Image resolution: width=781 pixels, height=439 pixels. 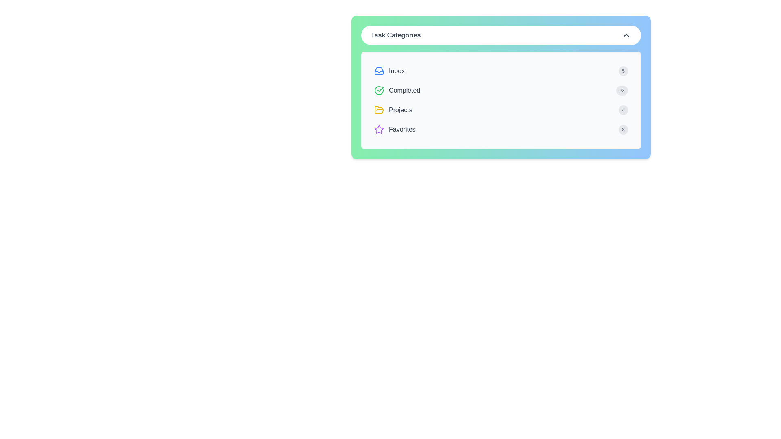 What do you see at coordinates (378, 129) in the screenshot?
I see `the star icon that indicates the 'Favorites' category, which is positioned to the left of the 'Favorites' text content` at bounding box center [378, 129].